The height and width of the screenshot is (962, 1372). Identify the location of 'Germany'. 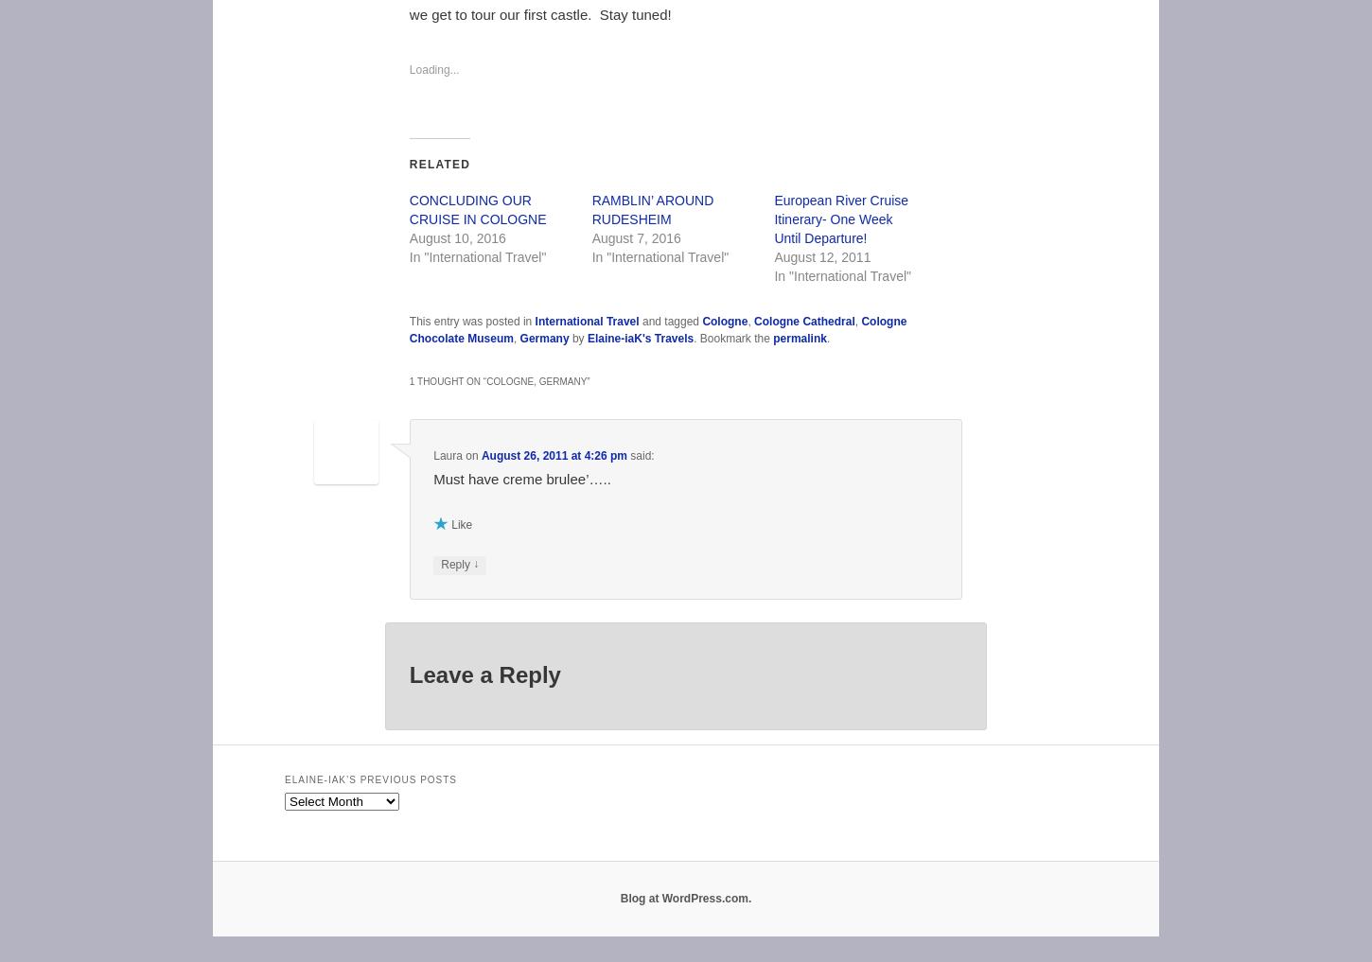
(544, 336).